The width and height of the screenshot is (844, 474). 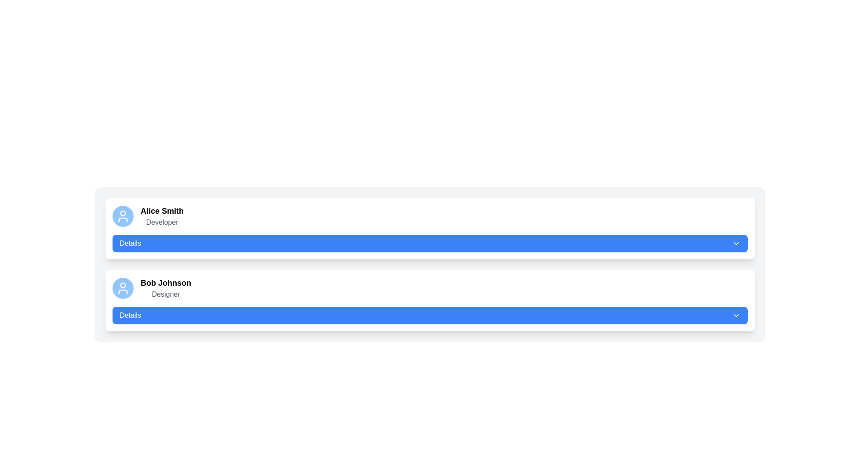 What do you see at coordinates (166, 283) in the screenshot?
I see `the text label displaying the name 'Bob Johnson'` at bounding box center [166, 283].